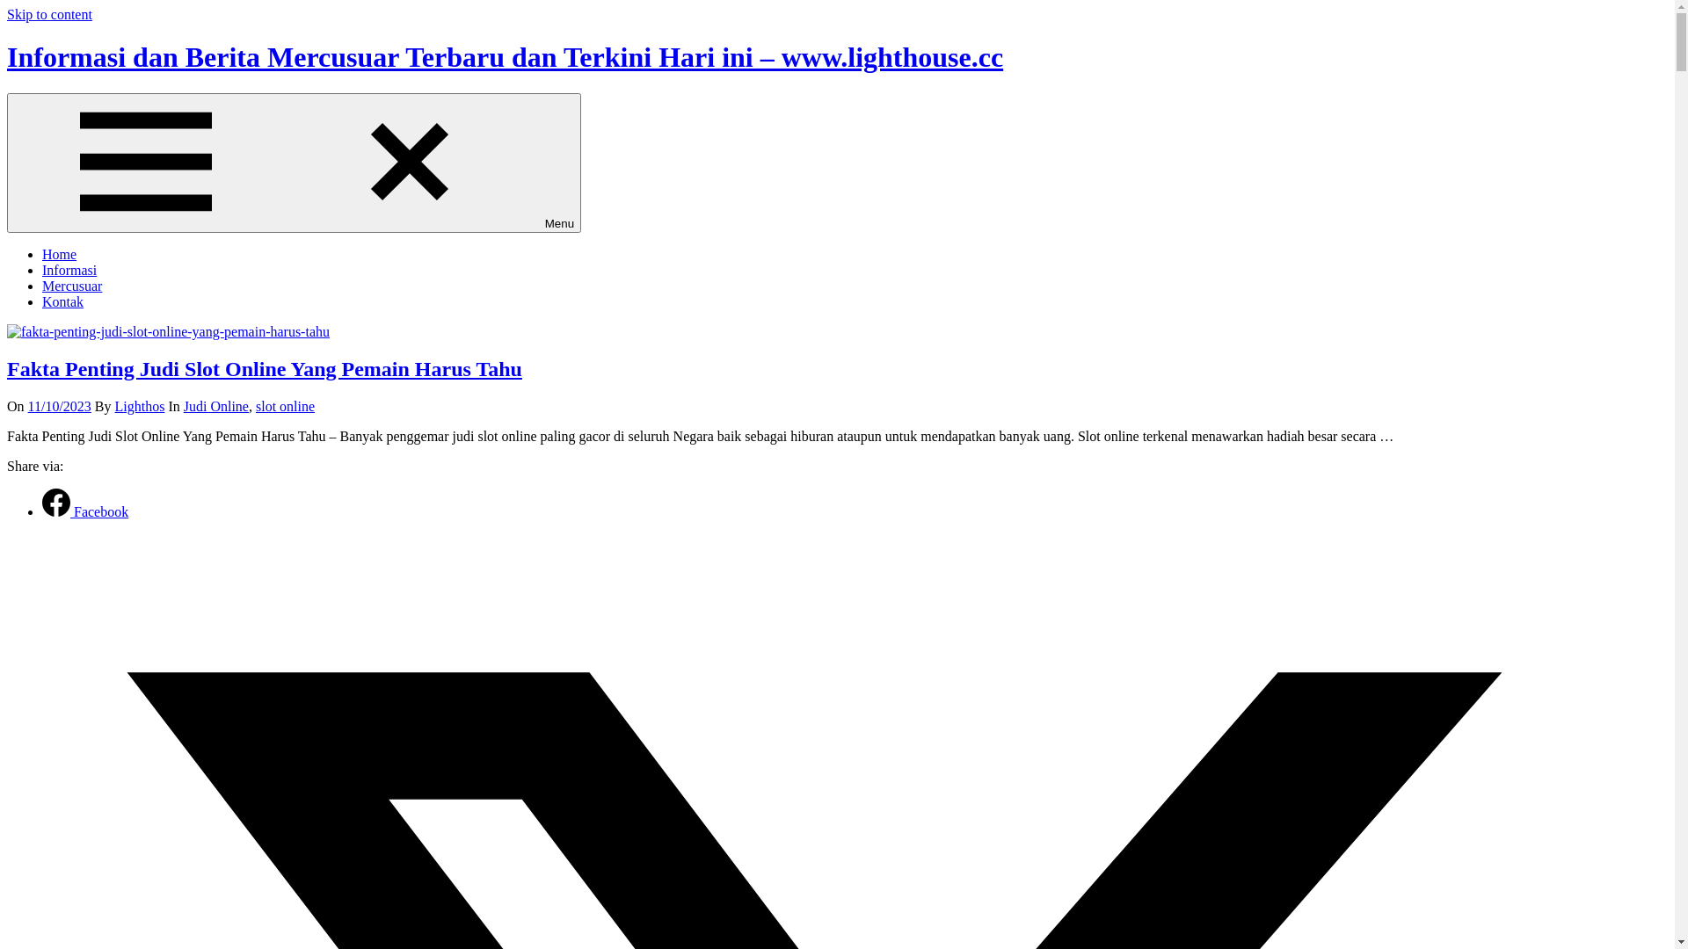  I want to click on 'Skip to content', so click(49, 14).